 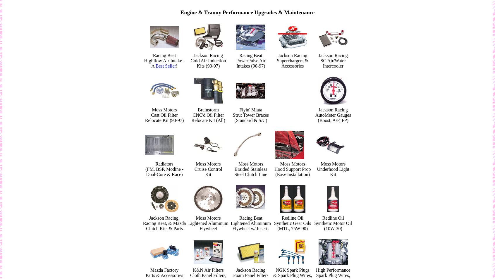 What do you see at coordinates (314, 223) in the screenshot?
I see `'Synthetic Motor Oil'` at bounding box center [314, 223].